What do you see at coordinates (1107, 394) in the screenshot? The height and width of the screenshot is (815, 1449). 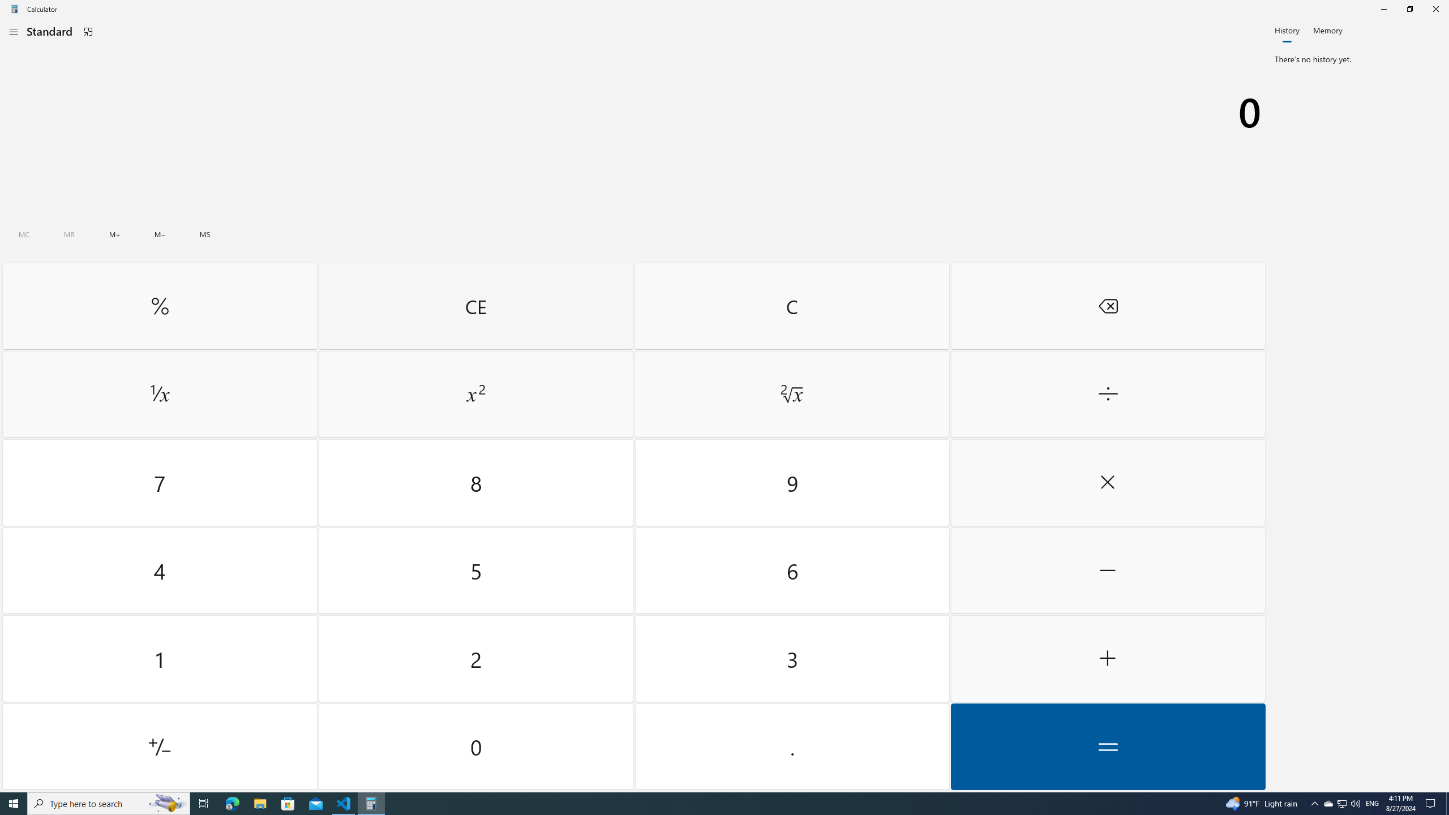 I see `'Divide by'` at bounding box center [1107, 394].